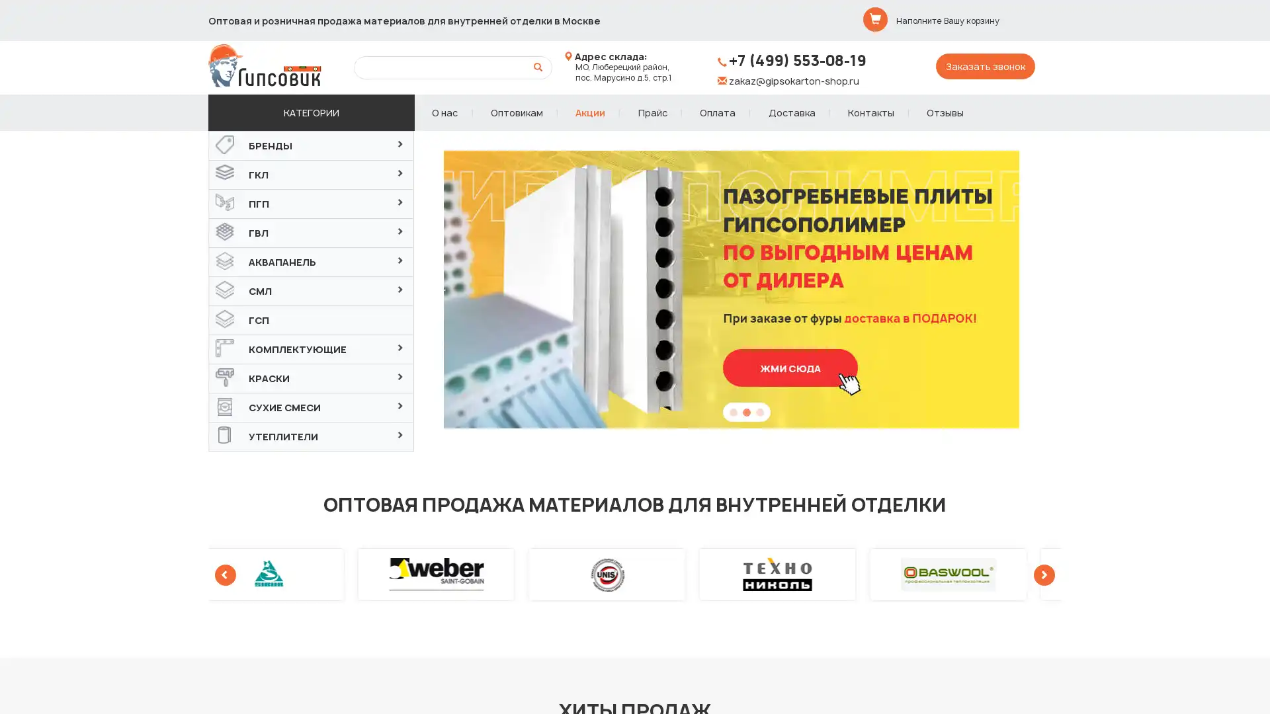  What do you see at coordinates (732, 415) in the screenshot?
I see `1` at bounding box center [732, 415].